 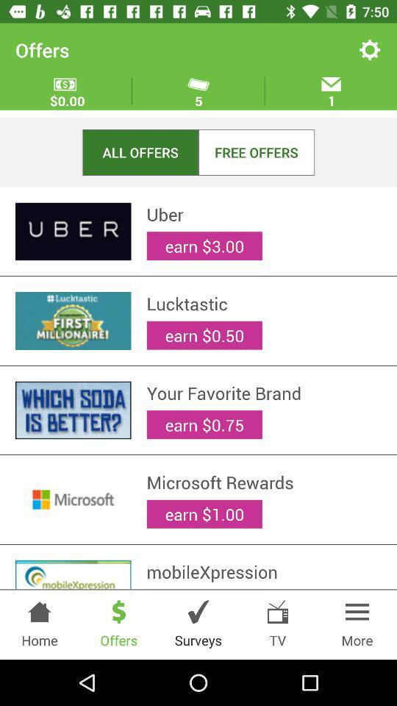 I want to click on the icon above earn $3.00 icon, so click(x=263, y=571).